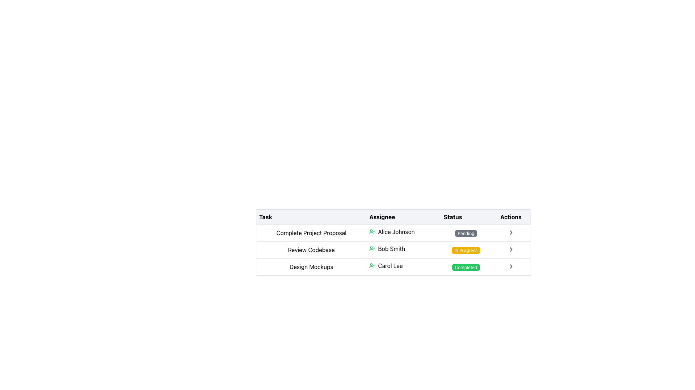 The width and height of the screenshot is (695, 390). What do you see at coordinates (311, 249) in the screenshot?
I see `the text label displaying the task assigned to Bob Smith in the 'Task' column of the task management table, which is the second entry from the top` at bounding box center [311, 249].